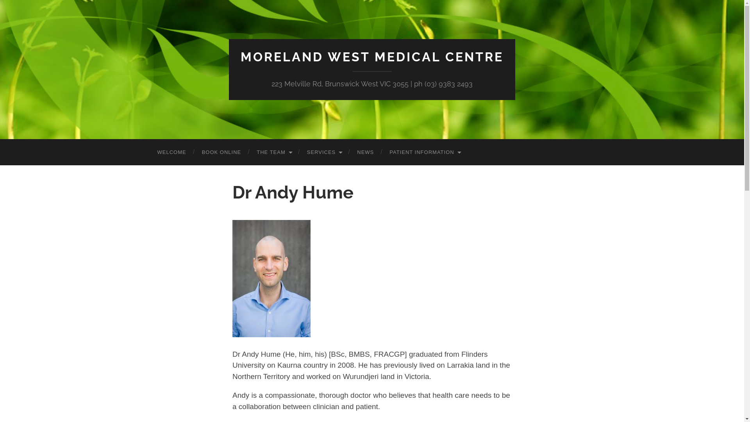 The width and height of the screenshot is (750, 422). I want to click on 'BOOK ONLINE', so click(221, 152).